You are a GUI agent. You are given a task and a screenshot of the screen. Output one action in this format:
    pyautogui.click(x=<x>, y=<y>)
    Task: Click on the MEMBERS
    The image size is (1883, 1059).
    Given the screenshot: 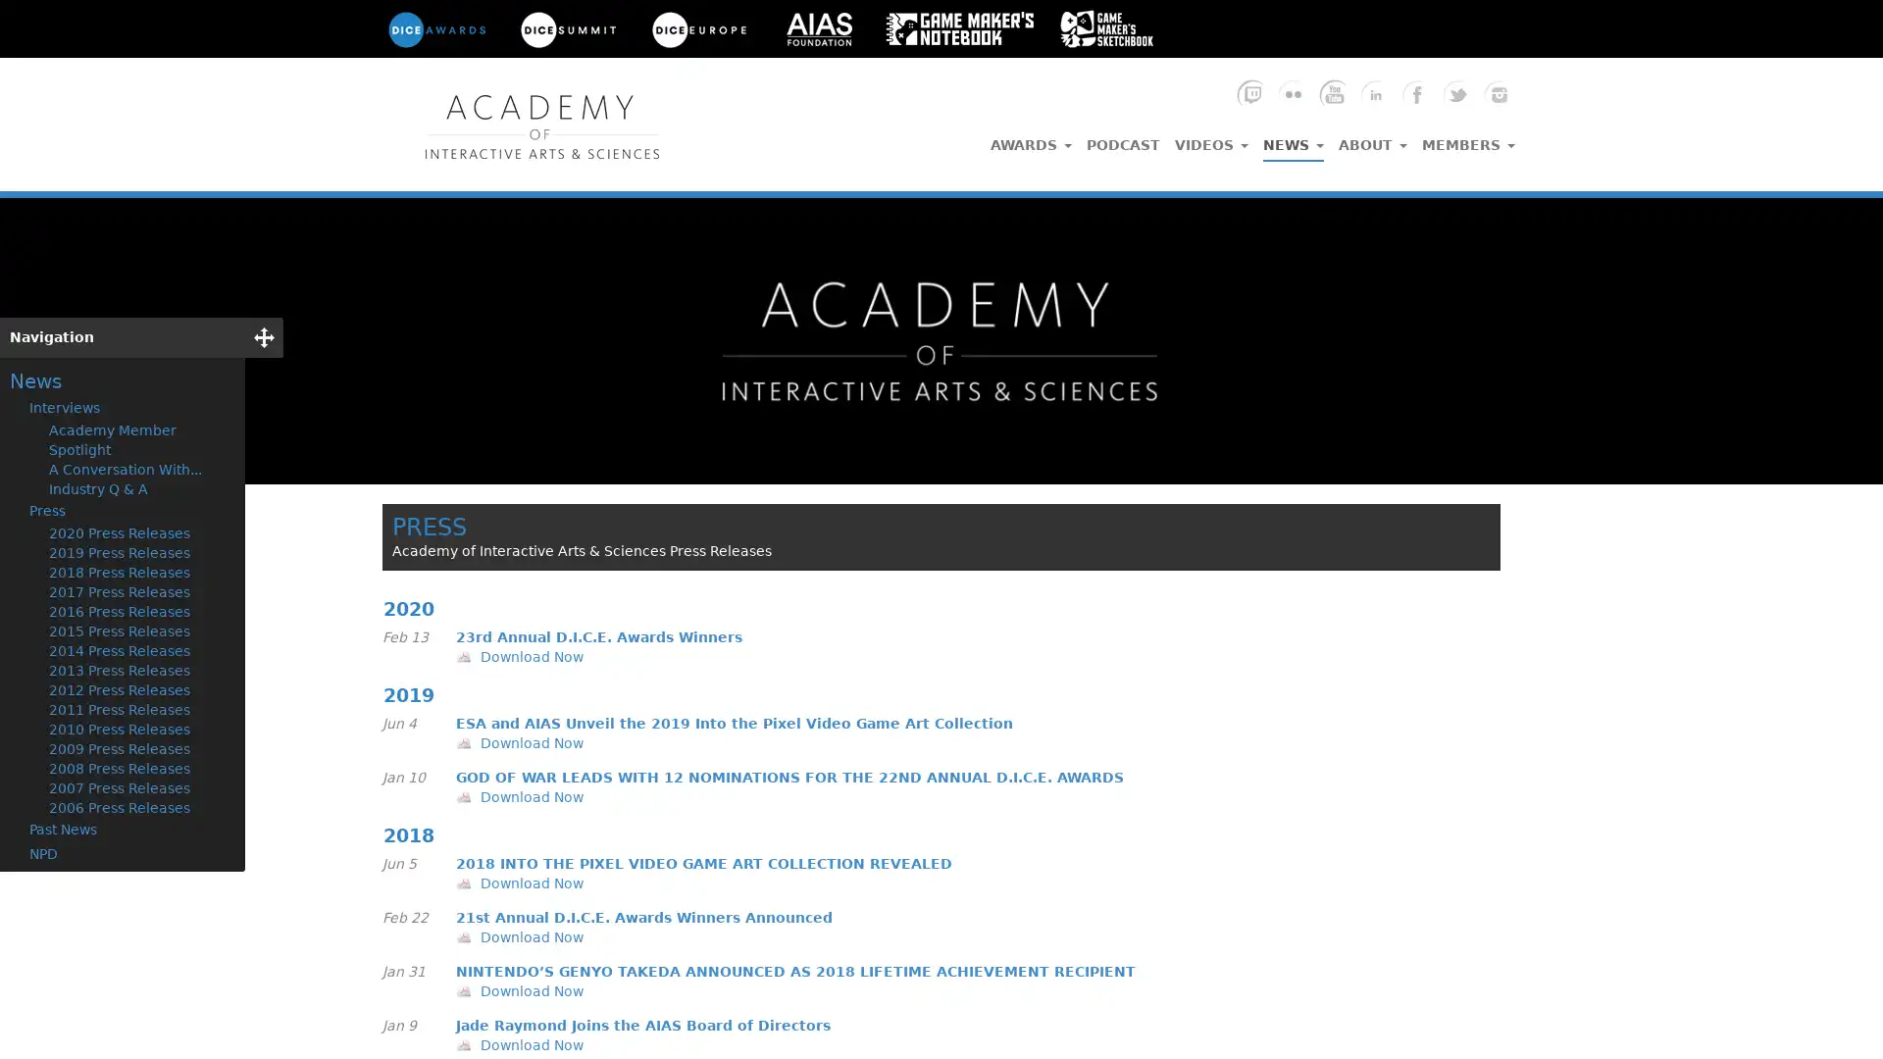 What is the action you would take?
    pyautogui.click(x=1468, y=138)
    